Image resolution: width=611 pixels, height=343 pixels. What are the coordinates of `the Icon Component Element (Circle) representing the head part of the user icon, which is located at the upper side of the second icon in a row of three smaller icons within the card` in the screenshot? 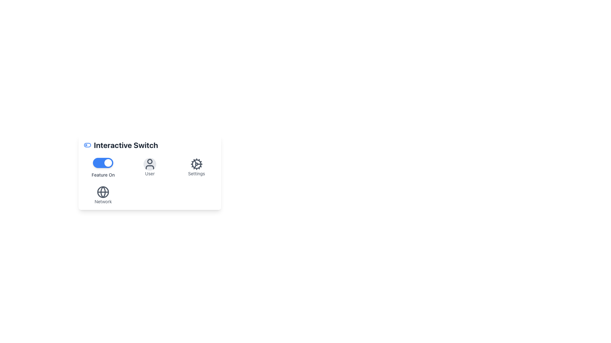 It's located at (149, 161).